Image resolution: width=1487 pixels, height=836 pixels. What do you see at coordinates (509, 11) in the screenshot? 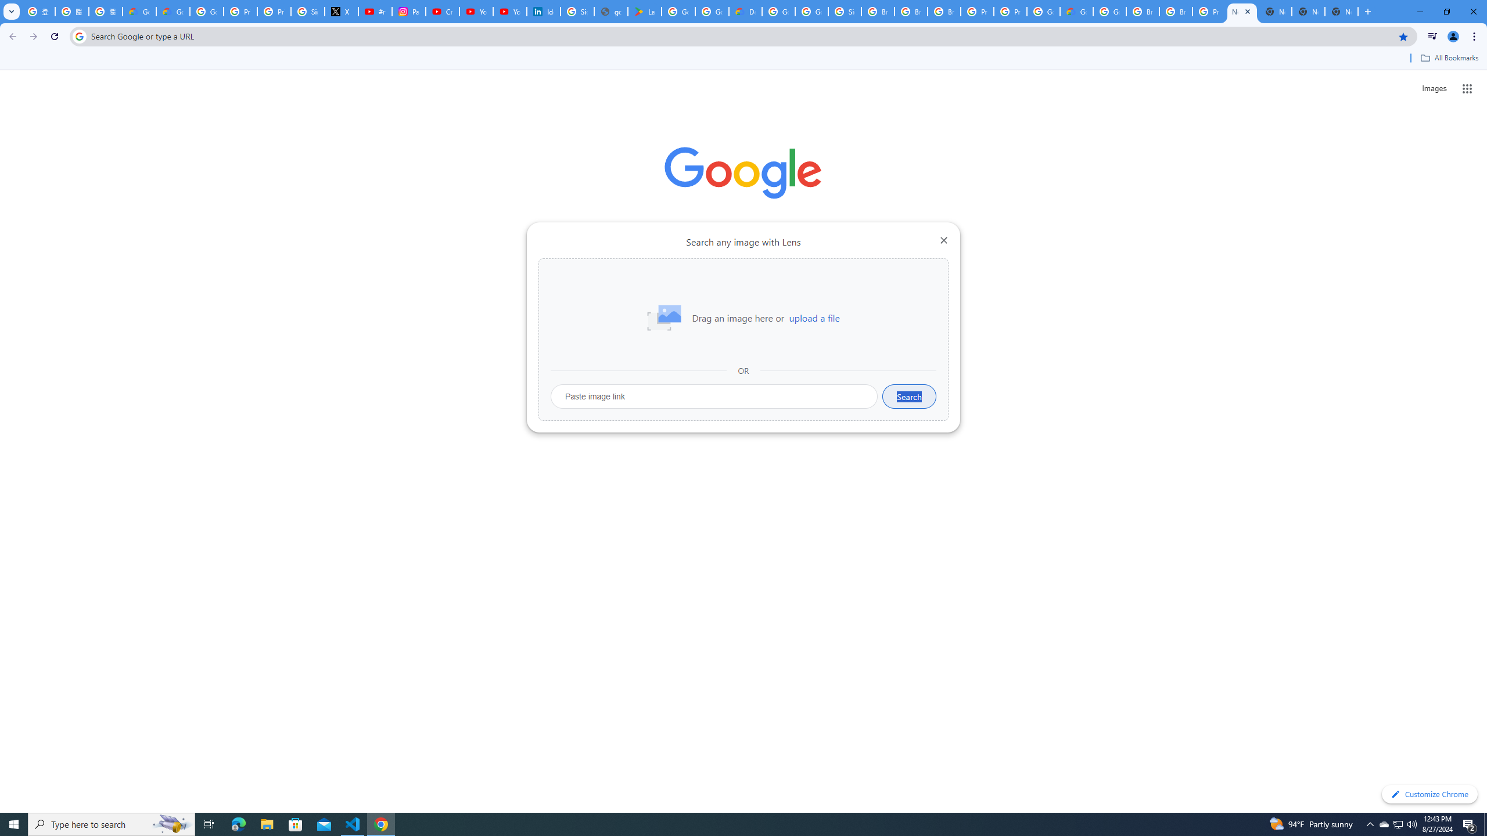
I see `'YouTube Culture & Trends - YouTube Top 10, 2021'` at bounding box center [509, 11].